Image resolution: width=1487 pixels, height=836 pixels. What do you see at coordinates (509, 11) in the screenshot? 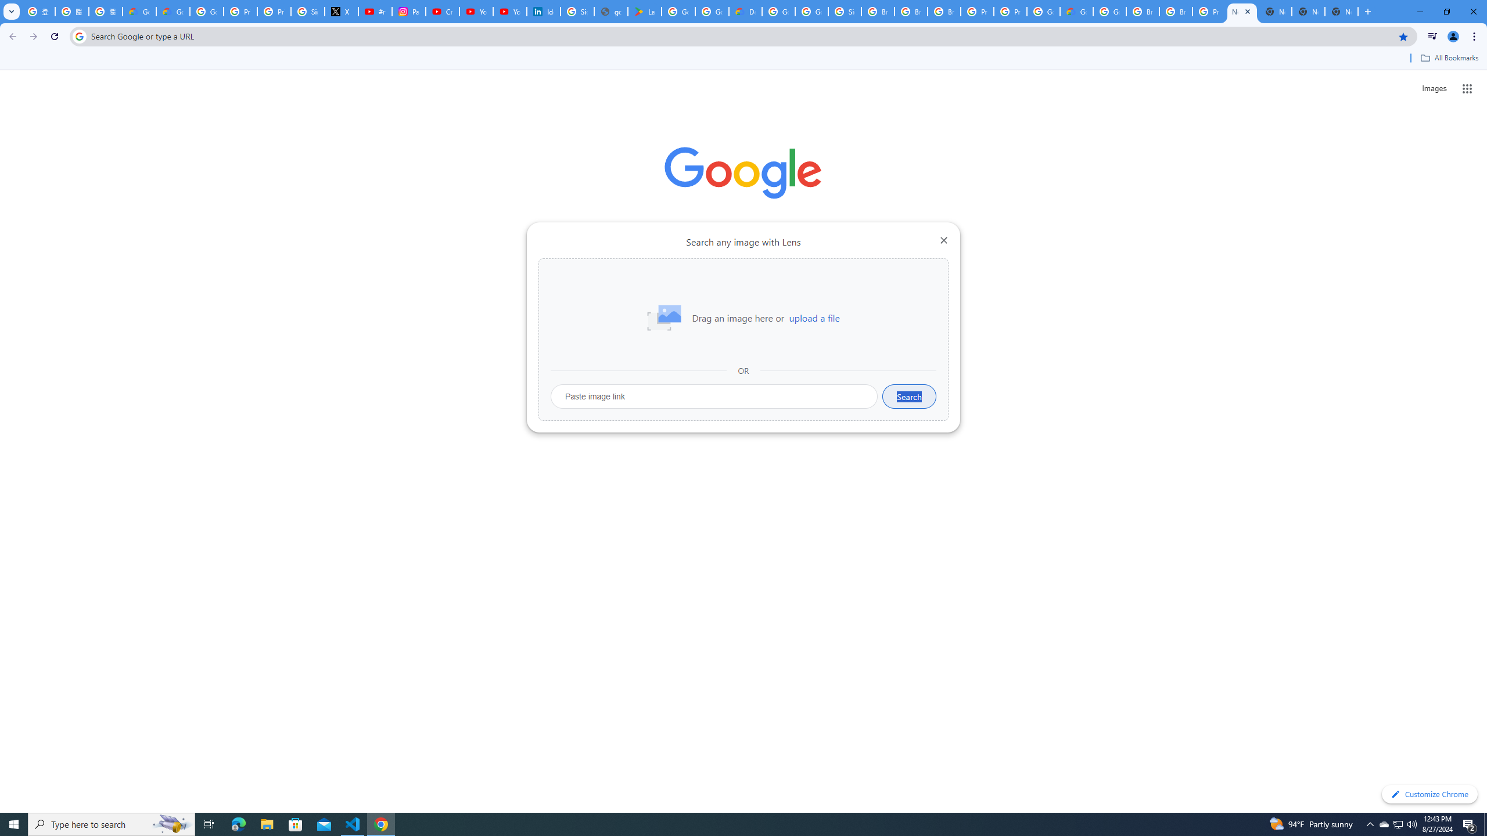
I see `'YouTube Culture & Trends - YouTube Top 10, 2021'` at bounding box center [509, 11].